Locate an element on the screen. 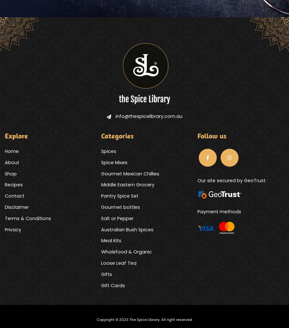  'Payment methods' is located at coordinates (197, 211).